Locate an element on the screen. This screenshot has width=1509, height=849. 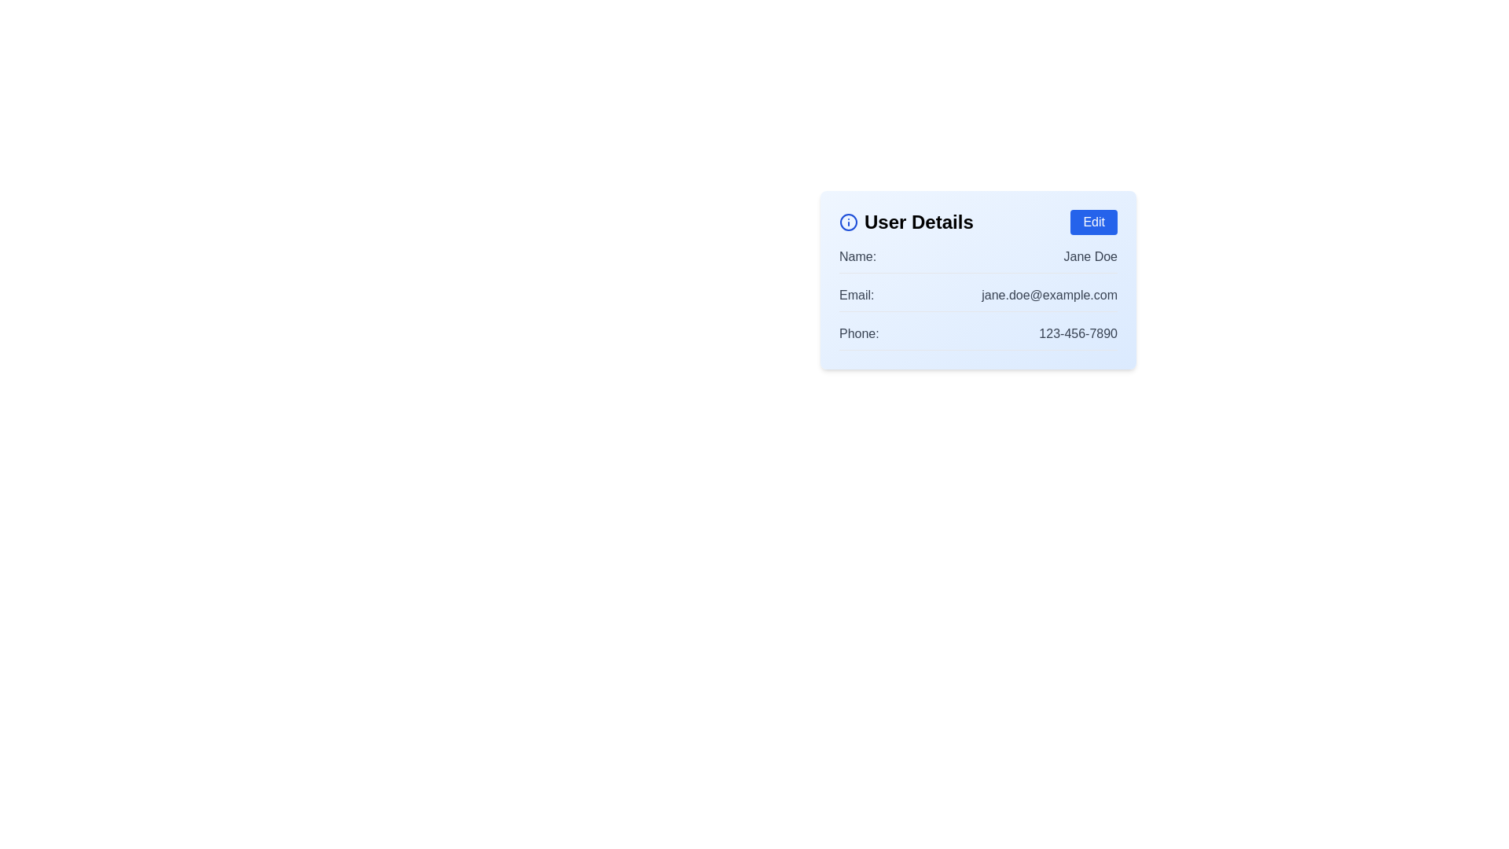
the static text label indicating the user's email address, which is located near the top-left corner of the user details section is located at coordinates (856, 295).